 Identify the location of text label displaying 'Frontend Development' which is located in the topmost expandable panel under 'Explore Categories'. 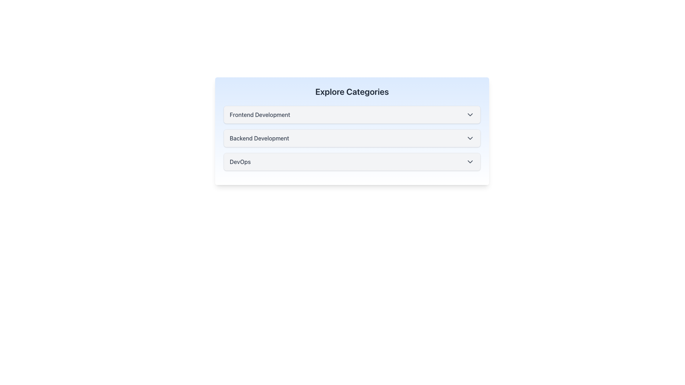
(259, 114).